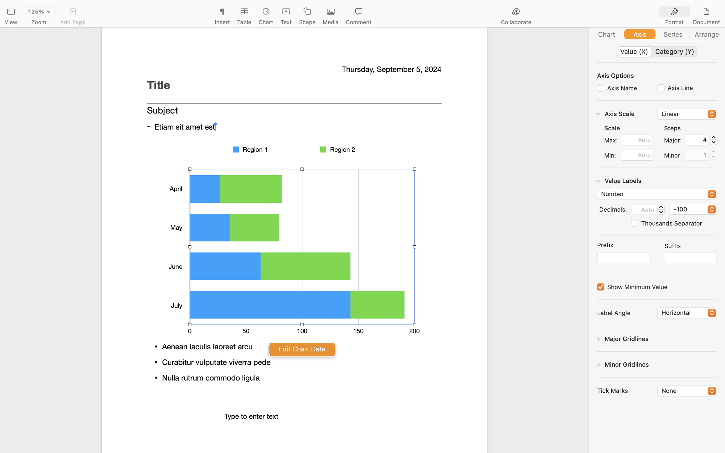 This screenshot has width=725, height=453. What do you see at coordinates (613, 209) in the screenshot?
I see `'Decimals:'` at bounding box center [613, 209].